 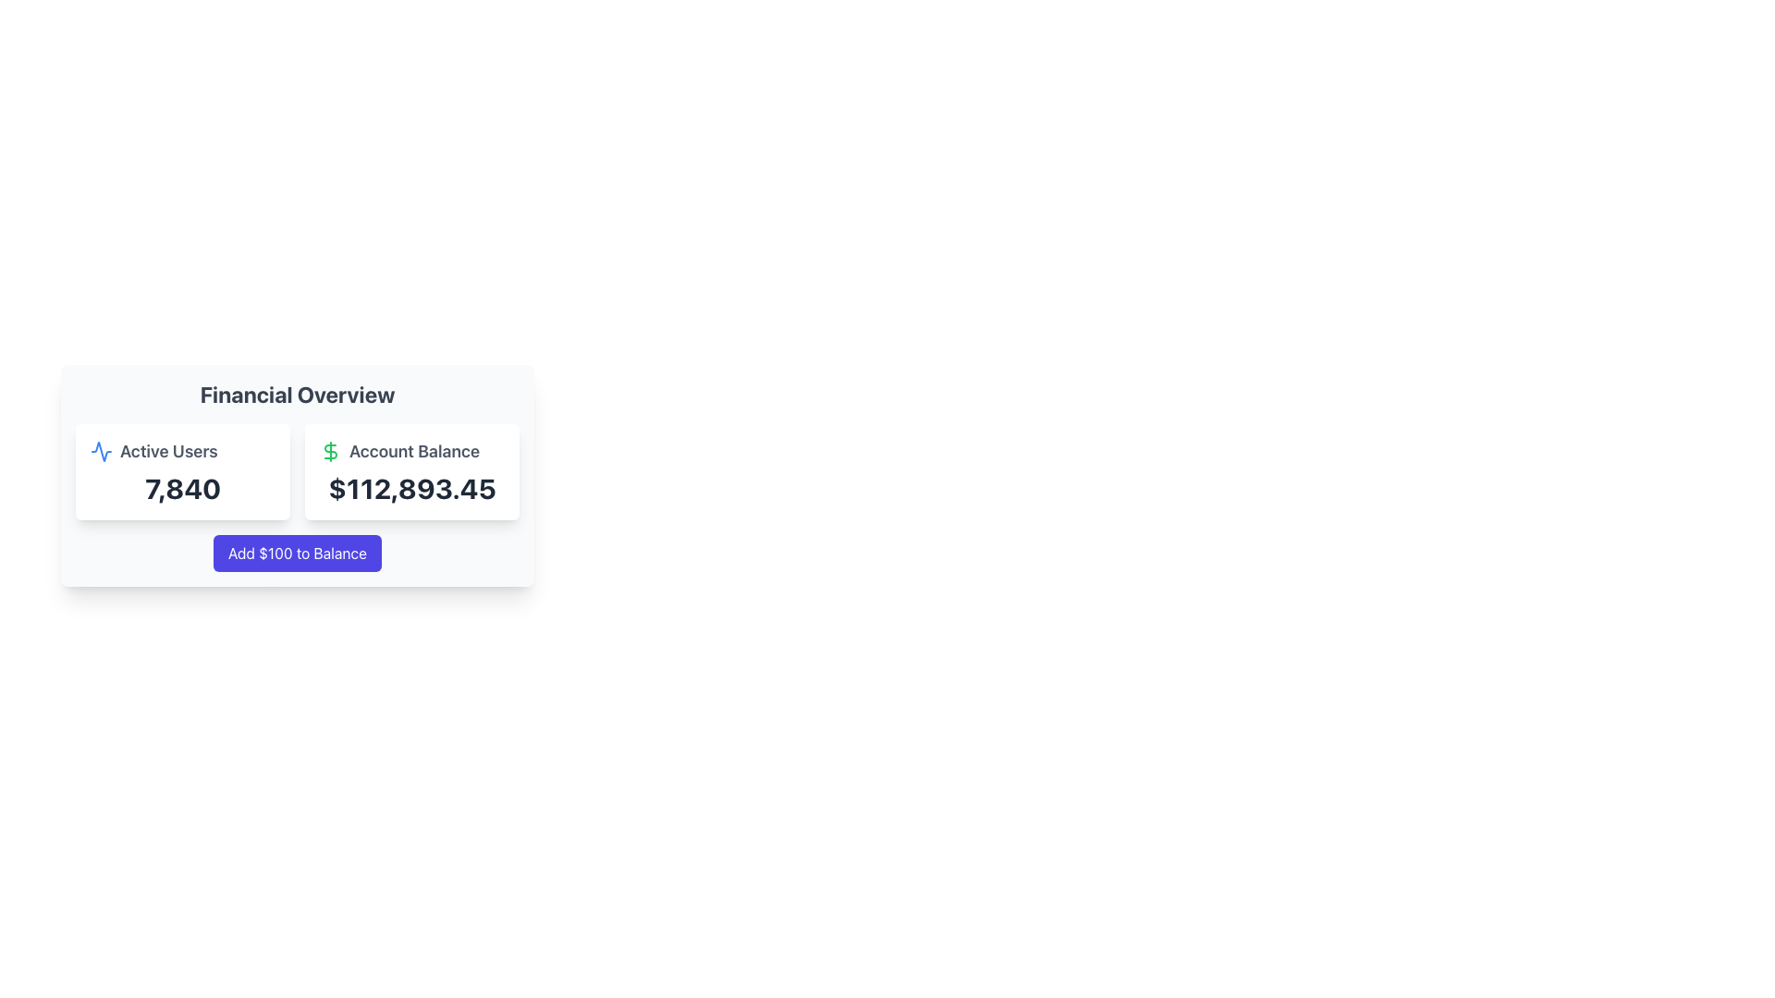 I want to click on the SVG graphical element representing data activity within the 'Active Users' card located in the financial overview section of the page, so click(x=101, y=452).